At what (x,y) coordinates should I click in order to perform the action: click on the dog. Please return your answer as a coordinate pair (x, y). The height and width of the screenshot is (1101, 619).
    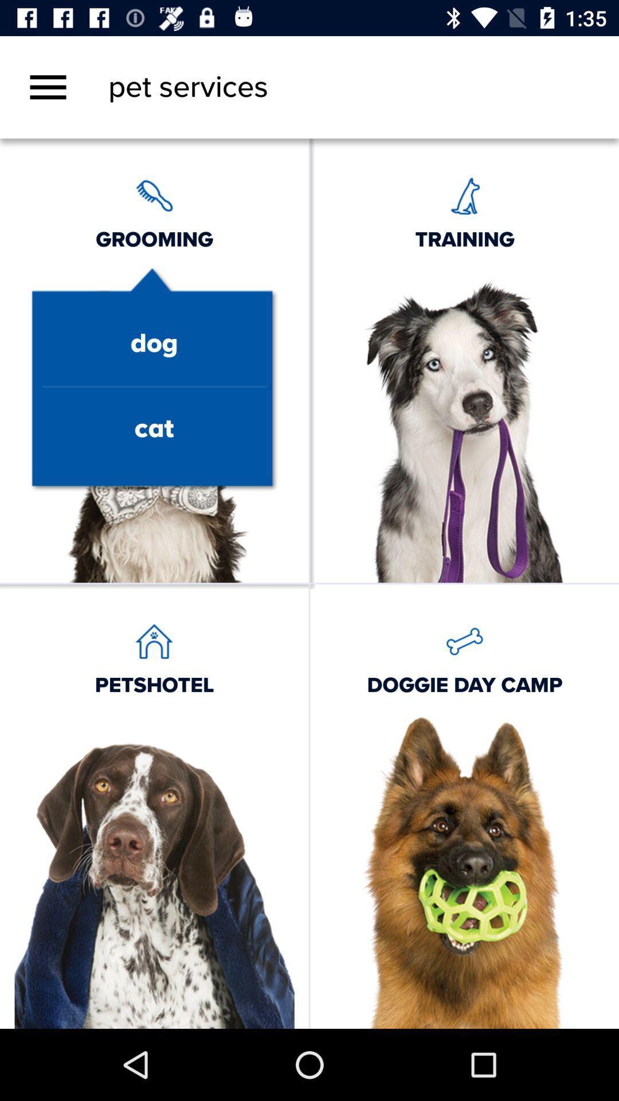
    Looking at the image, I should click on (154, 343).